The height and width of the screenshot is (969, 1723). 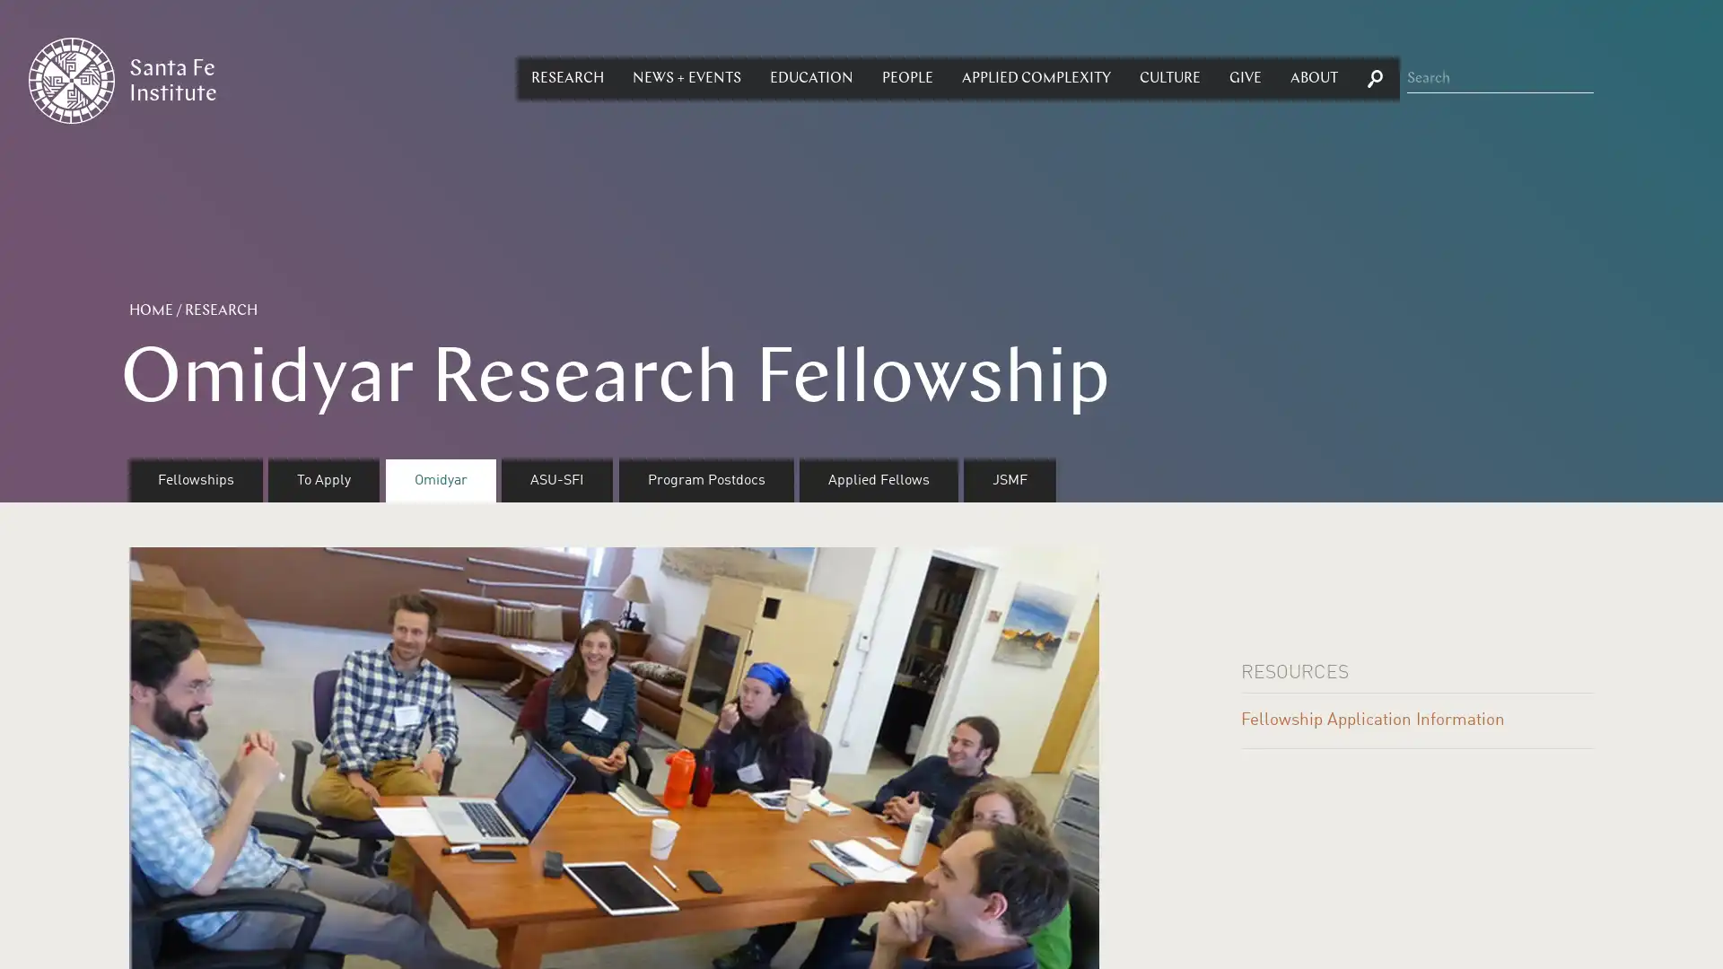 I want to click on Login, so click(x=853, y=447).